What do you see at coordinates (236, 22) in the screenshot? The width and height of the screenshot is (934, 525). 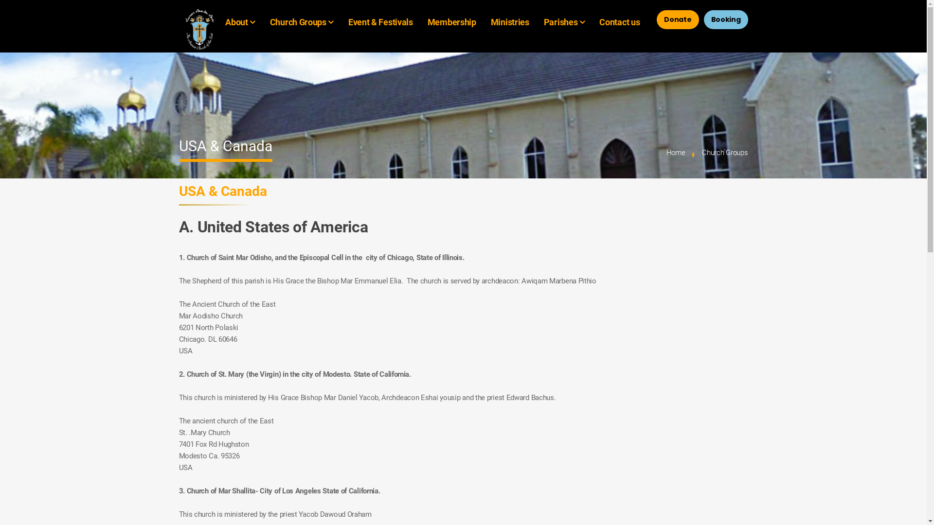 I see `'About'` at bounding box center [236, 22].